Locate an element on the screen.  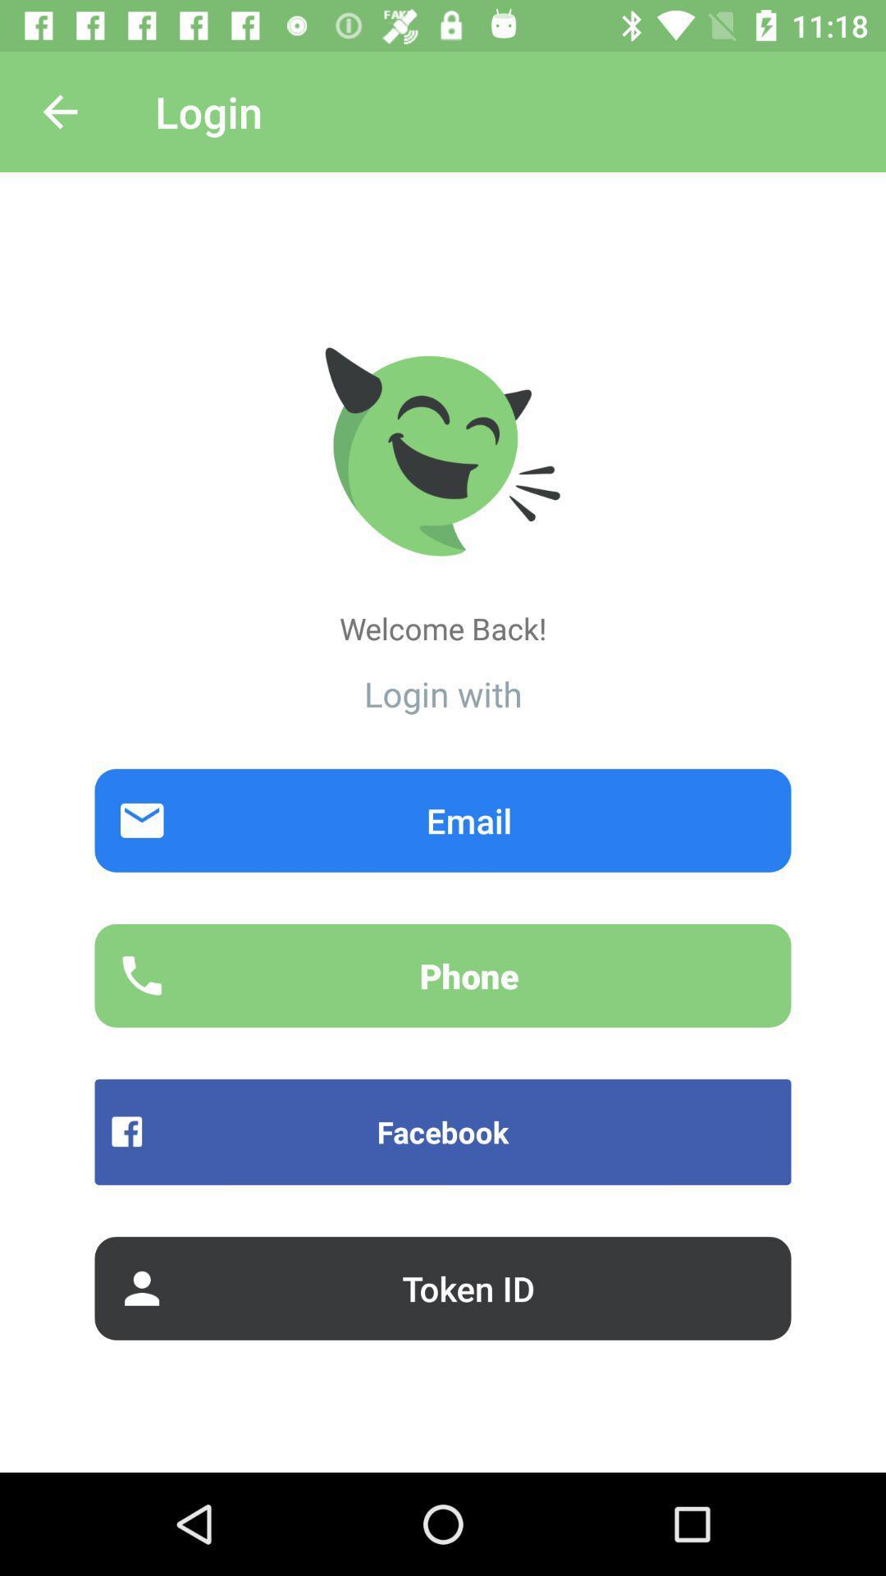
the phone is located at coordinates (443, 975).